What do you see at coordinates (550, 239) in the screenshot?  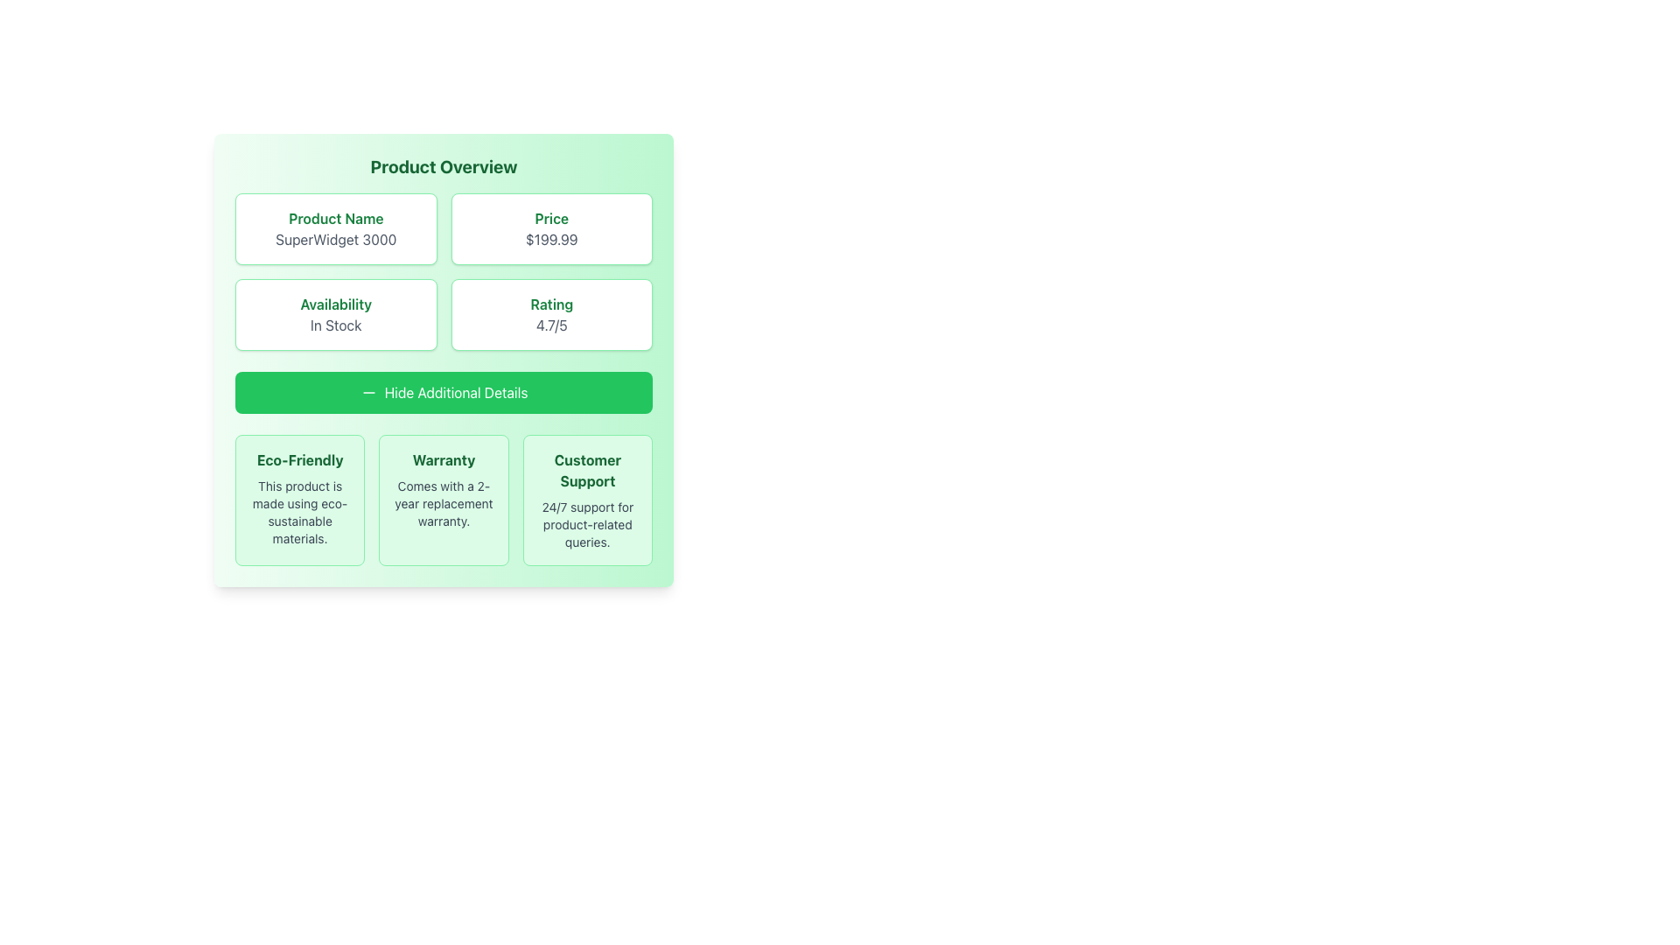 I see `the price display text label located in the 'Price' section, positioned below the 'Price' label` at bounding box center [550, 239].